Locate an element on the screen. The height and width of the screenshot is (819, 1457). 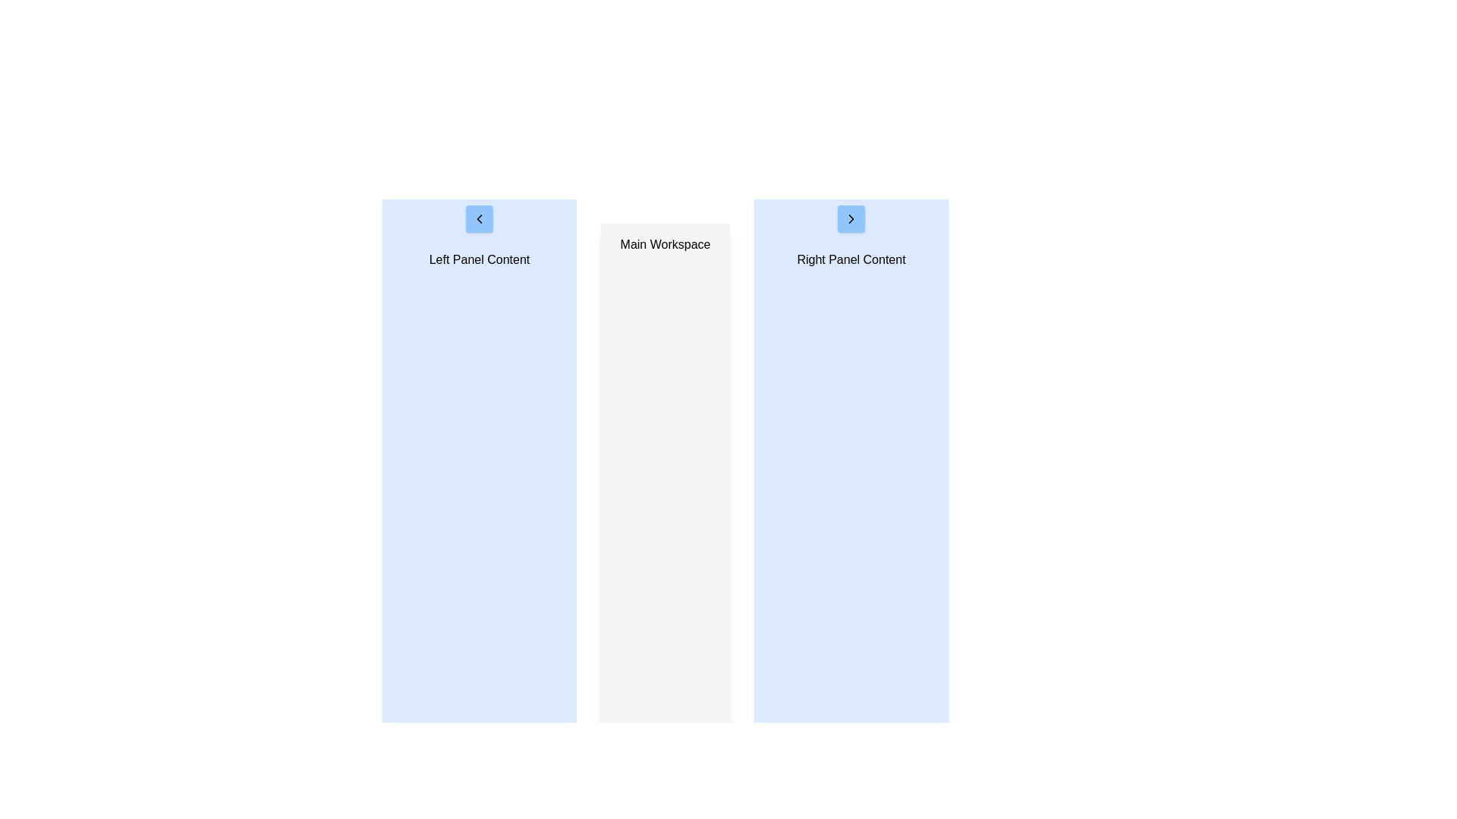
the Static Text Label located in the Left Panel, which serves as a title for the panel and is centrally aligned below the left chevron icon is located at coordinates (479, 259).